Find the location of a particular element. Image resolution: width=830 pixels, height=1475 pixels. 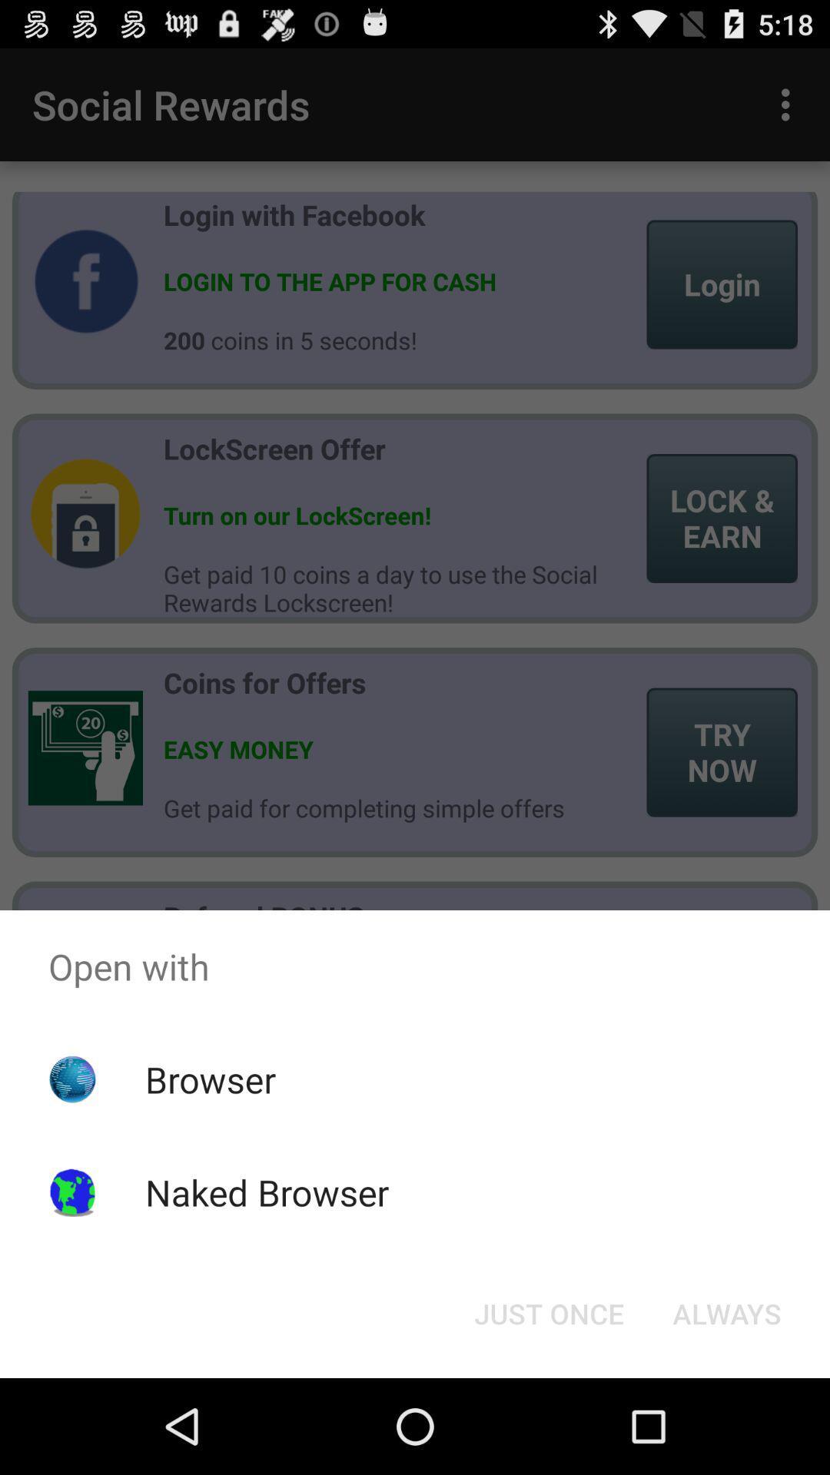

just once item is located at coordinates (548, 1312).